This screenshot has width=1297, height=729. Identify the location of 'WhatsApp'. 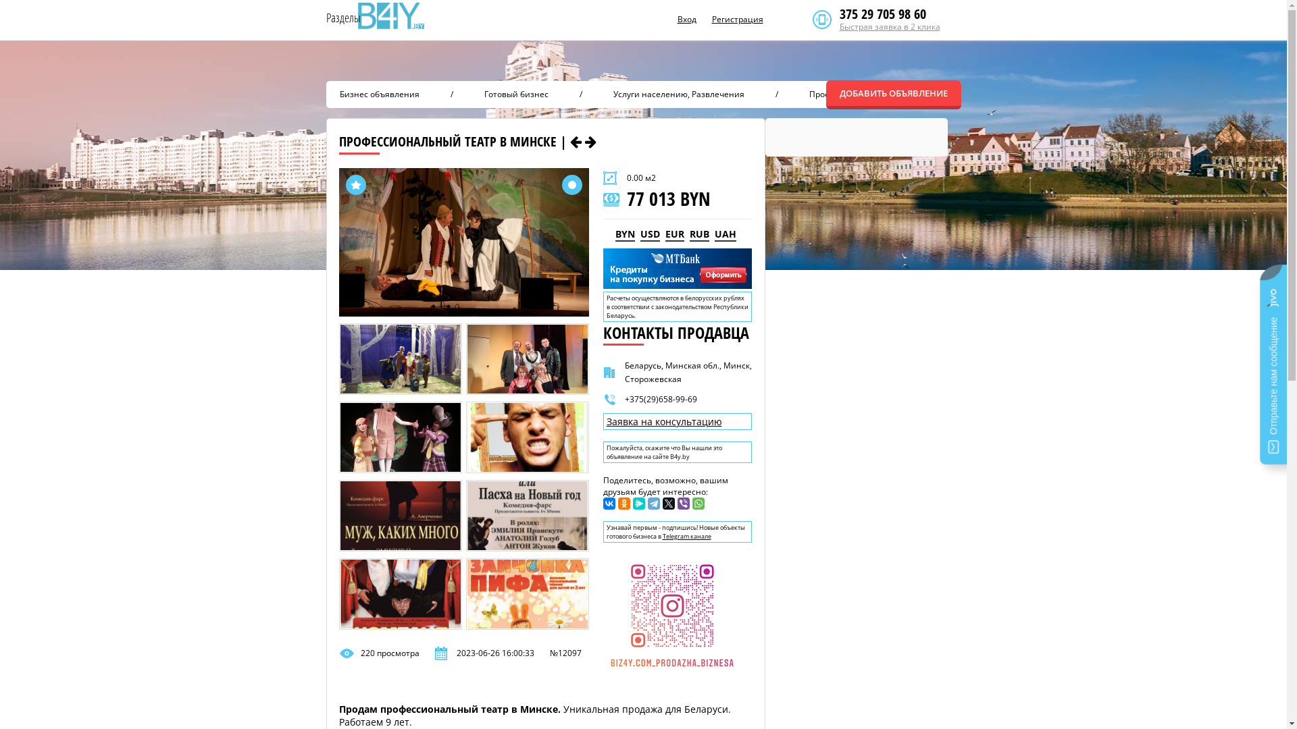
(697, 503).